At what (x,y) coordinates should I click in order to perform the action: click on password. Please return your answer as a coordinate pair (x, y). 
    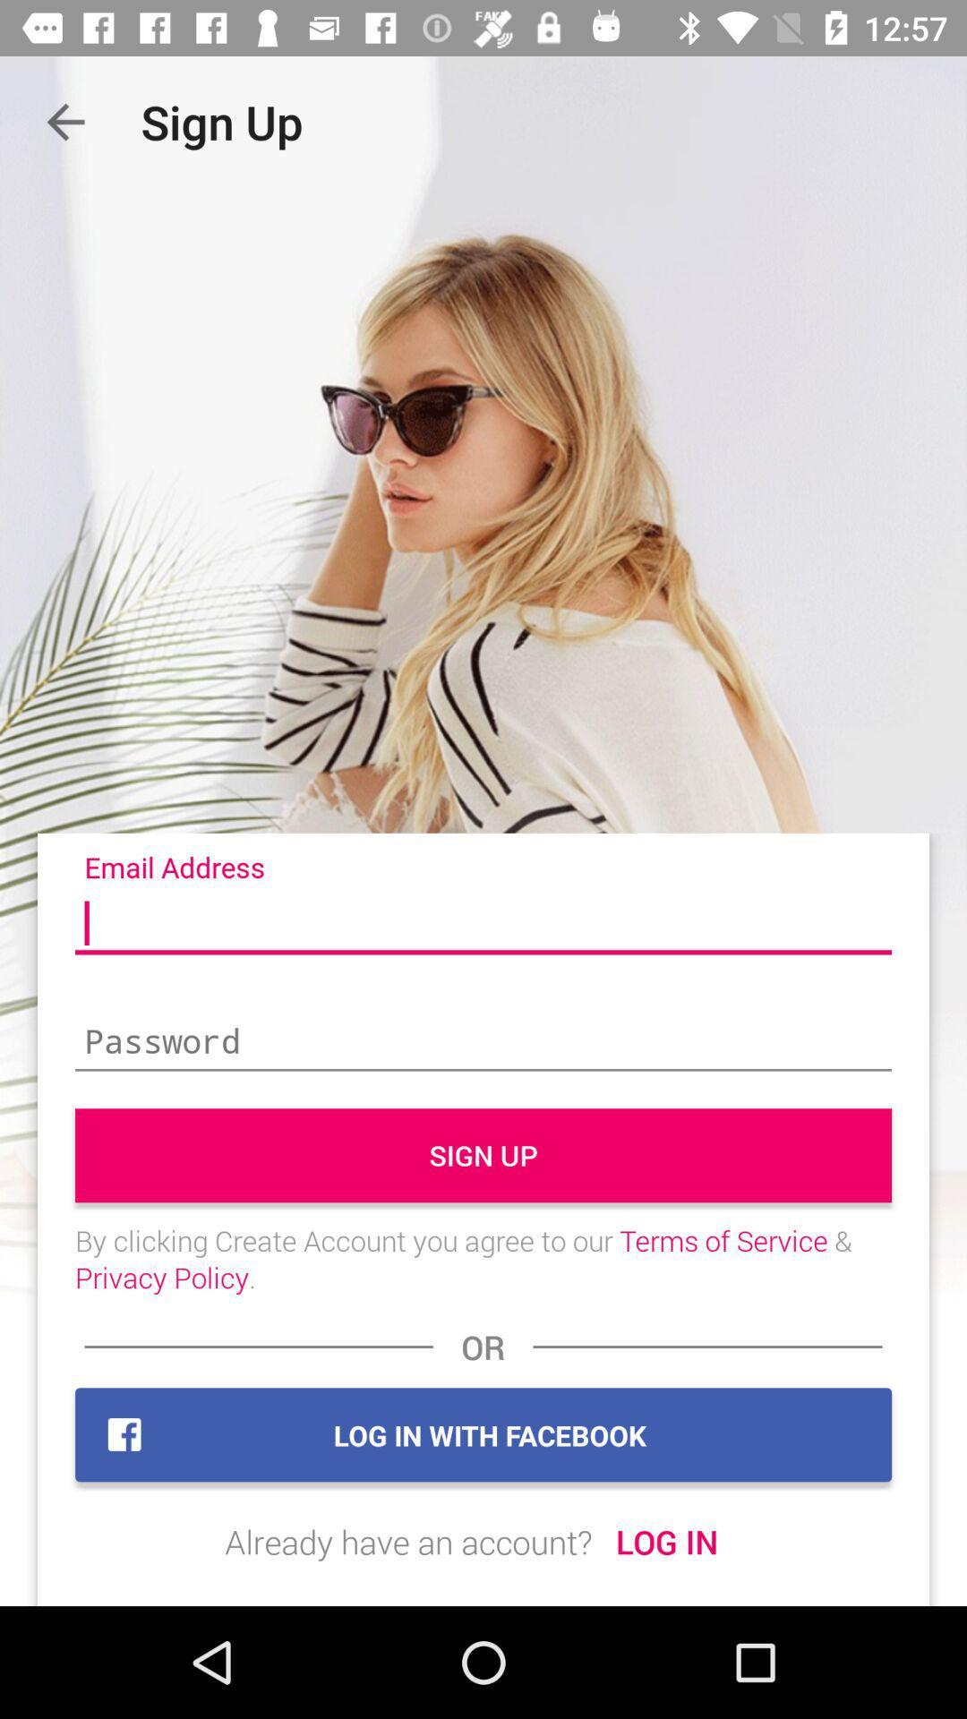
    Looking at the image, I should click on (483, 1043).